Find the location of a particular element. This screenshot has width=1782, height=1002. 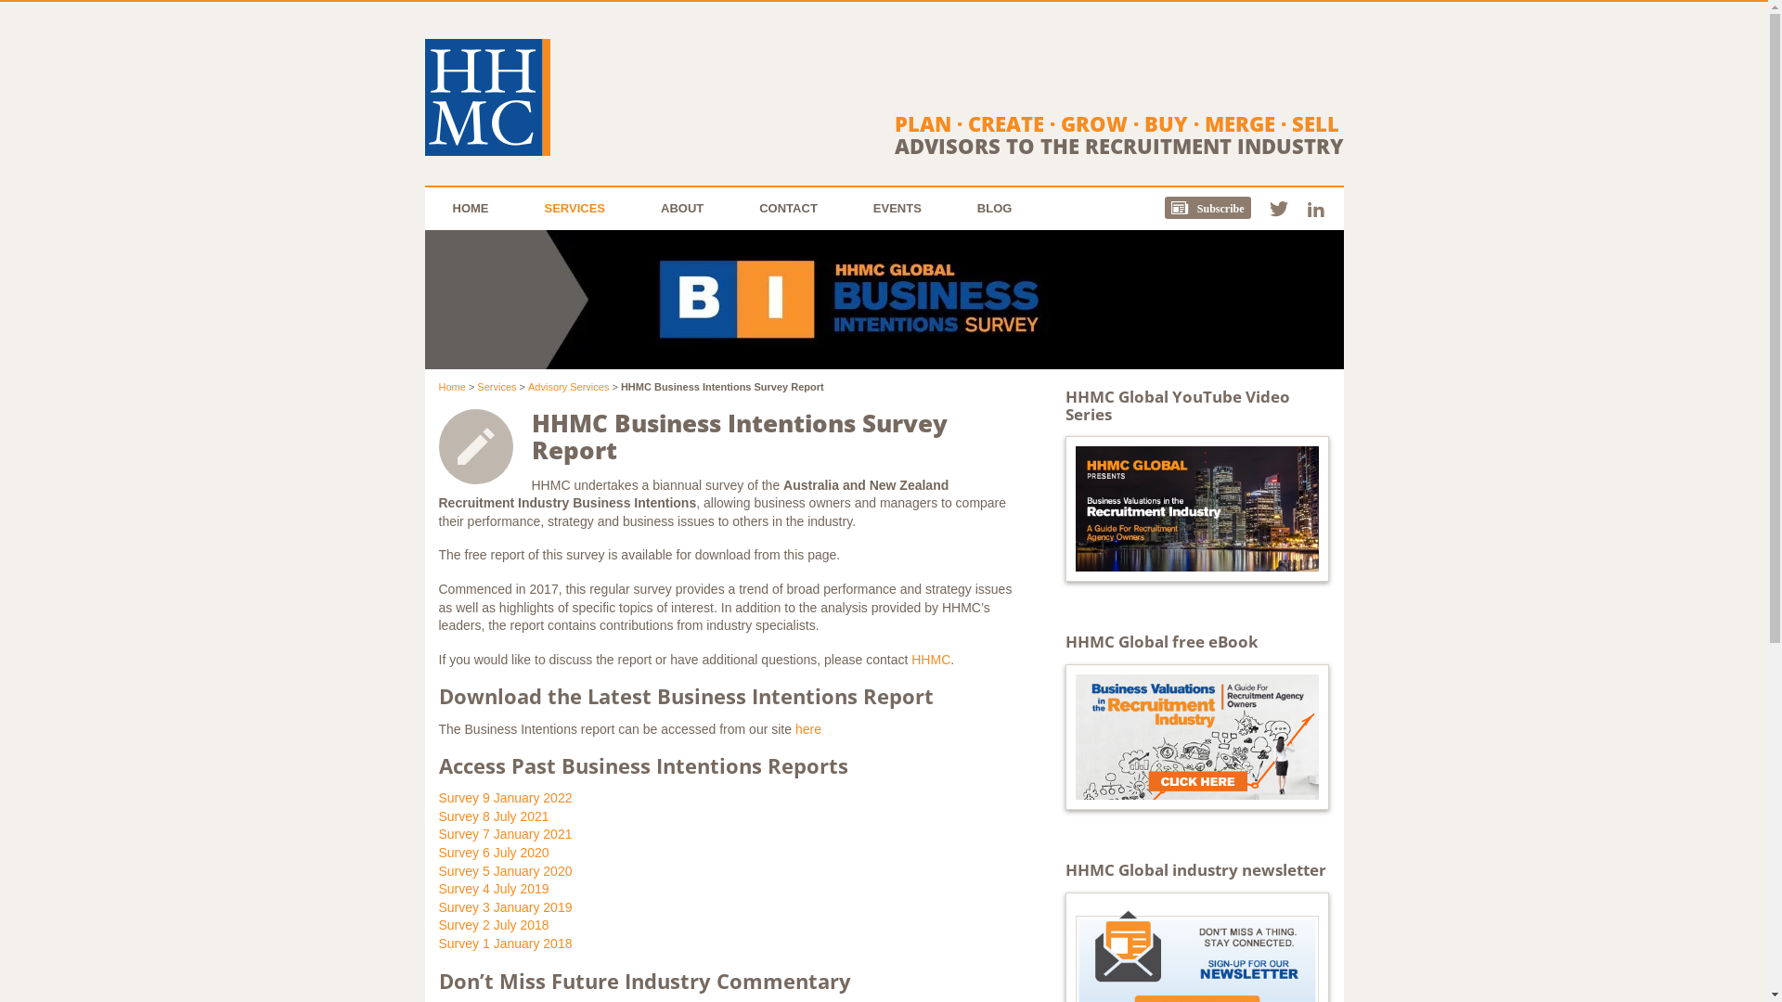

'Survey 8 July 2021' is located at coordinates (493, 815).